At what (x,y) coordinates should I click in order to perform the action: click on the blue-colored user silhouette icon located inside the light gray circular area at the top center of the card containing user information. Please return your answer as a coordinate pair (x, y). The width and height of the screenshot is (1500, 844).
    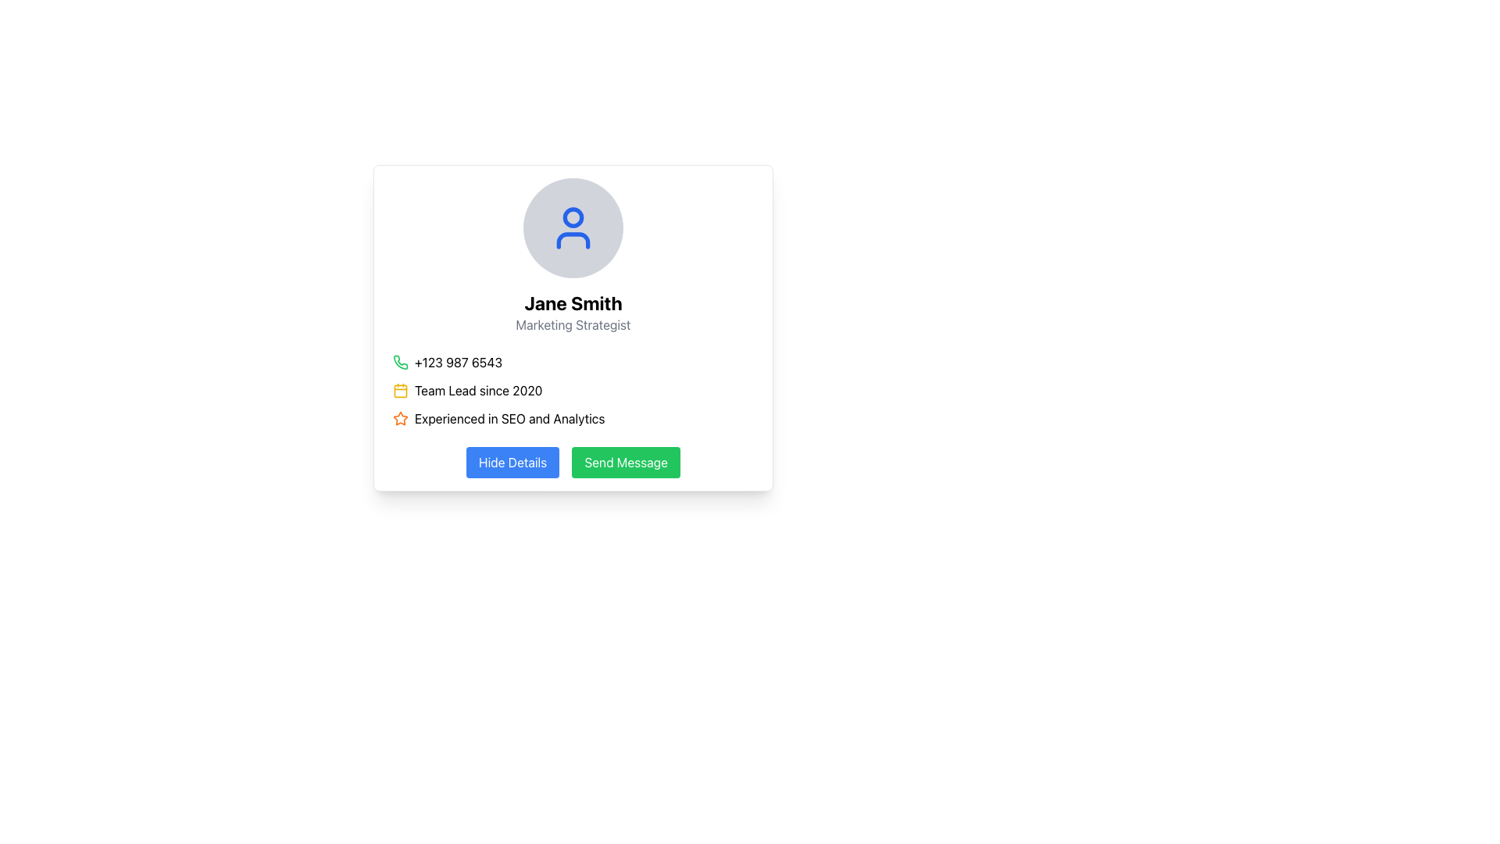
    Looking at the image, I should click on (573, 228).